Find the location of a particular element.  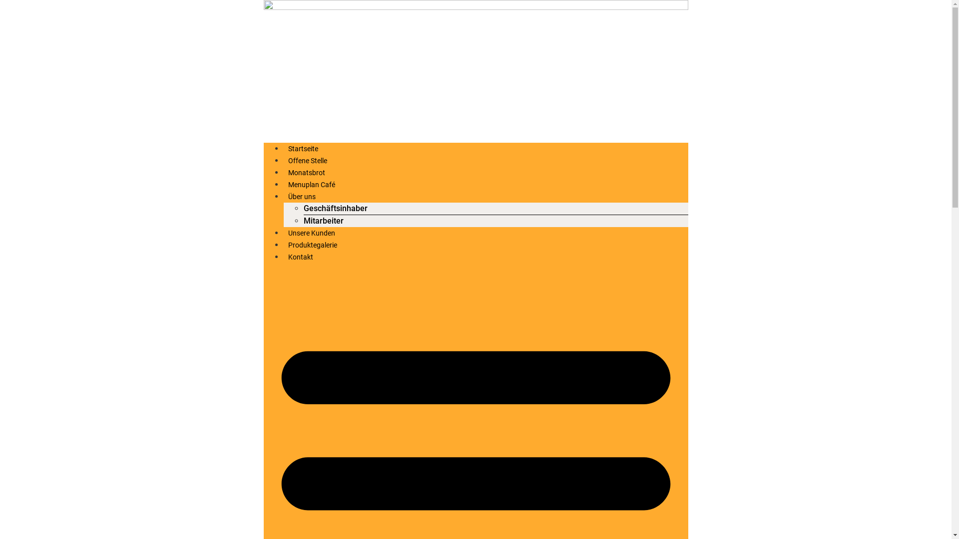

'Monatsbrot' is located at coordinates (283, 172).